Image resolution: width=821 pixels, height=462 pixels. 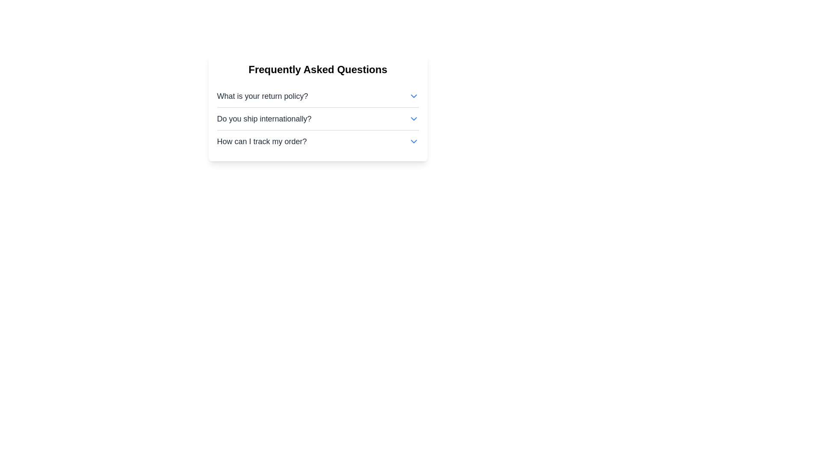 What do you see at coordinates (317, 69) in the screenshot?
I see `text header that says 'Frequently Asked Questions', which is a large, bold, and centered title above the FAQ section` at bounding box center [317, 69].